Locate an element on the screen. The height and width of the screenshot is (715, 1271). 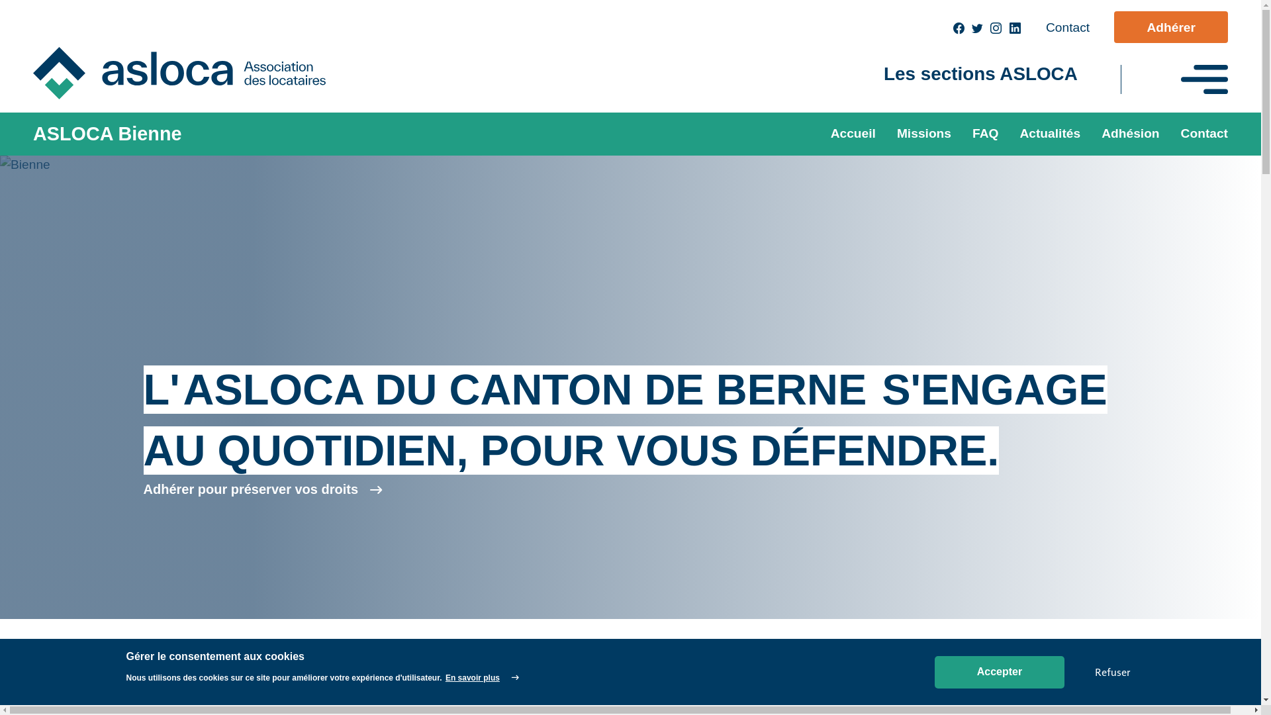
'Refuser' is located at coordinates (1112, 671).